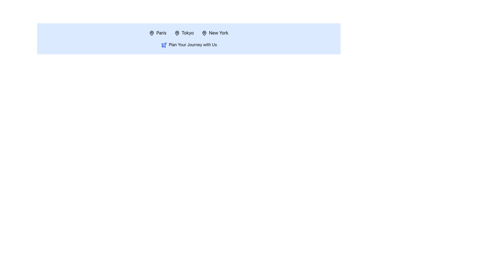 The width and height of the screenshot is (488, 274). What do you see at coordinates (164, 45) in the screenshot?
I see `the blue outline-style airplane icon located to the left of the text 'Plan Your Journey with Us.'` at bounding box center [164, 45].